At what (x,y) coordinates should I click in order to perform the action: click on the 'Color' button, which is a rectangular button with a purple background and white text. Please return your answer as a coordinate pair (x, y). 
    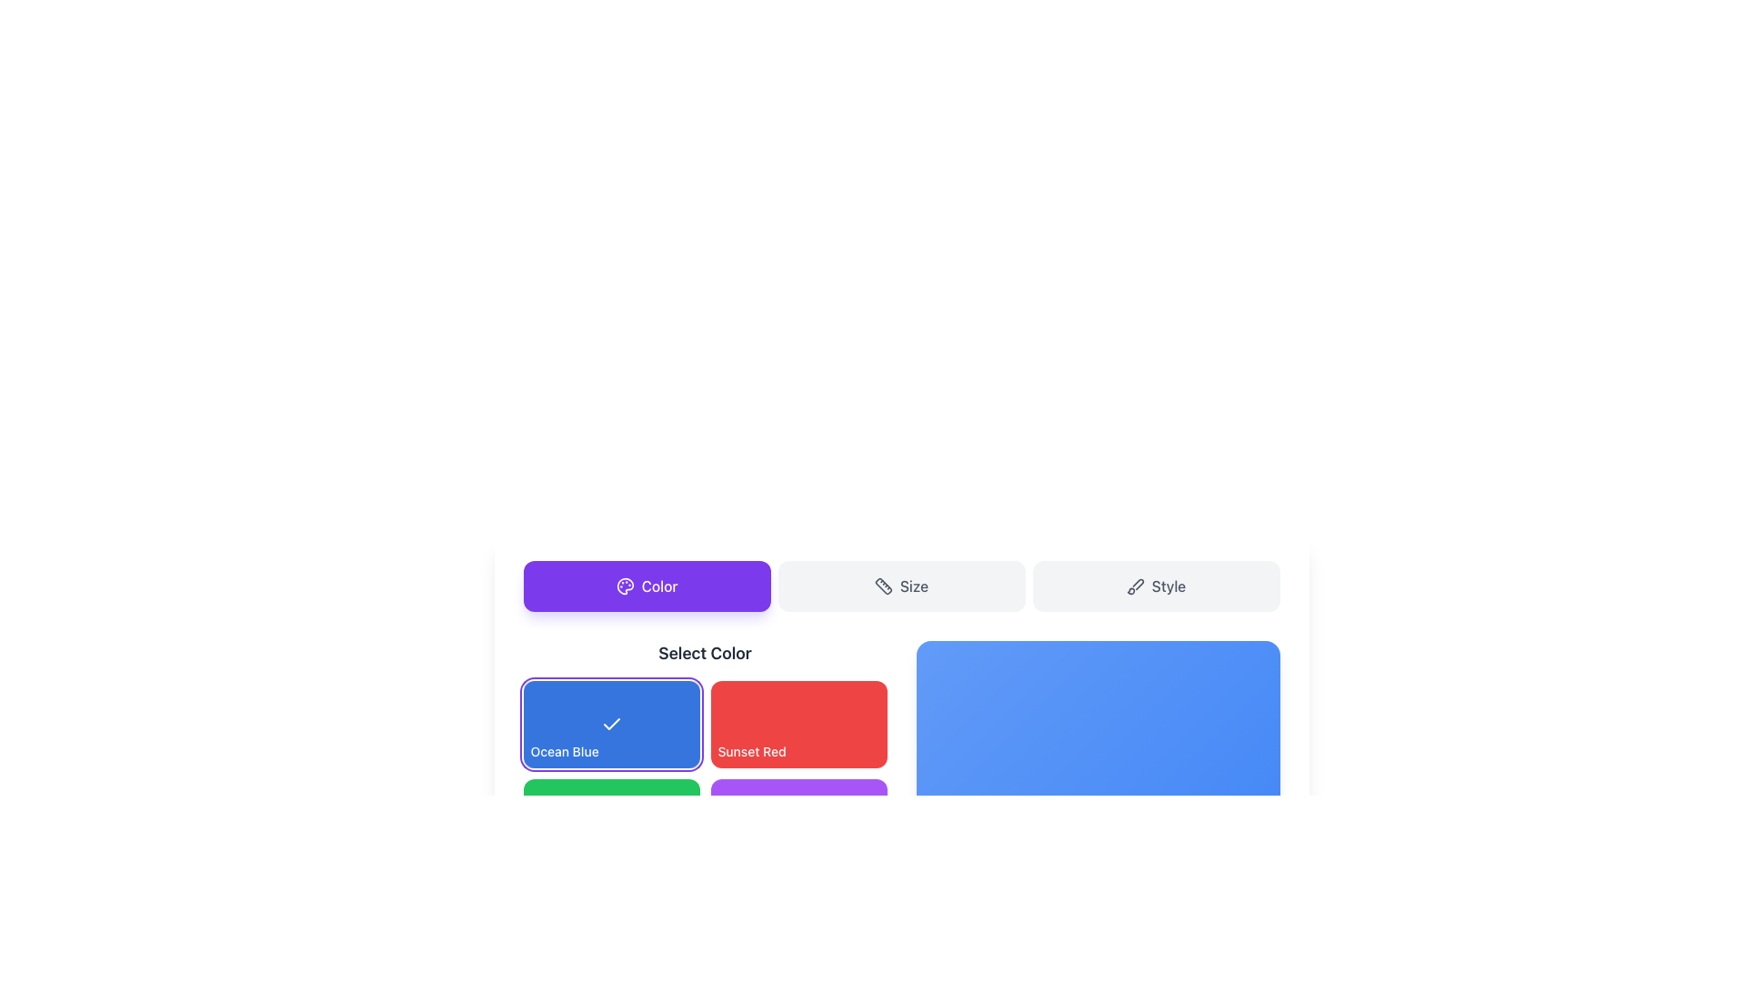
    Looking at the image, I should click on (647, 586).